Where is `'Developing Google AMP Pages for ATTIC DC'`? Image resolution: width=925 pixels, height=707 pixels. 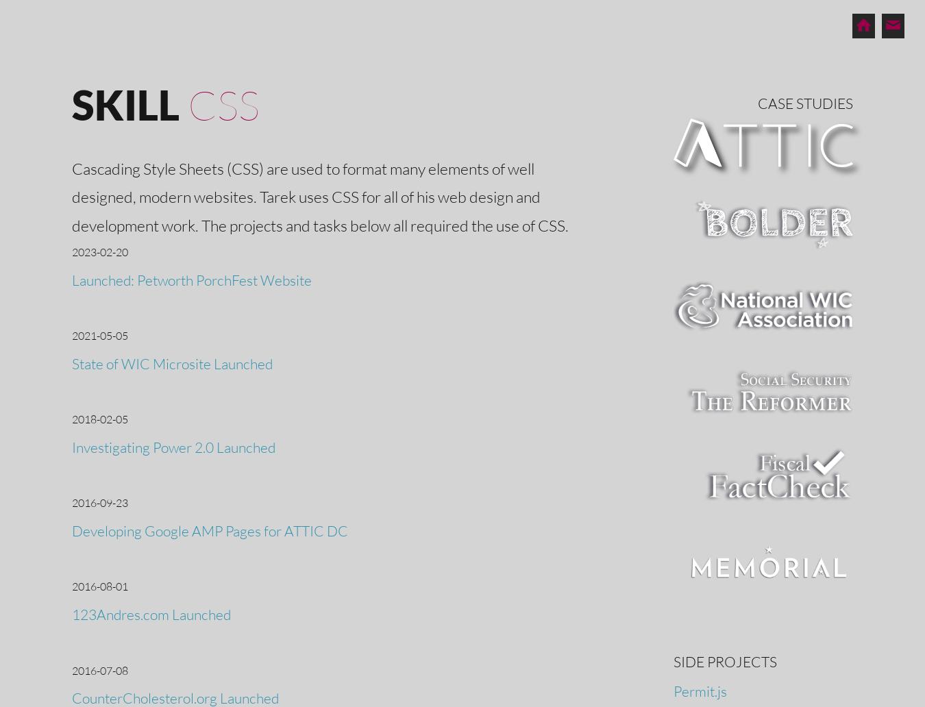 'Developing Google AMP Pages for ATTIC DC' is located at coordinates (209, 531).